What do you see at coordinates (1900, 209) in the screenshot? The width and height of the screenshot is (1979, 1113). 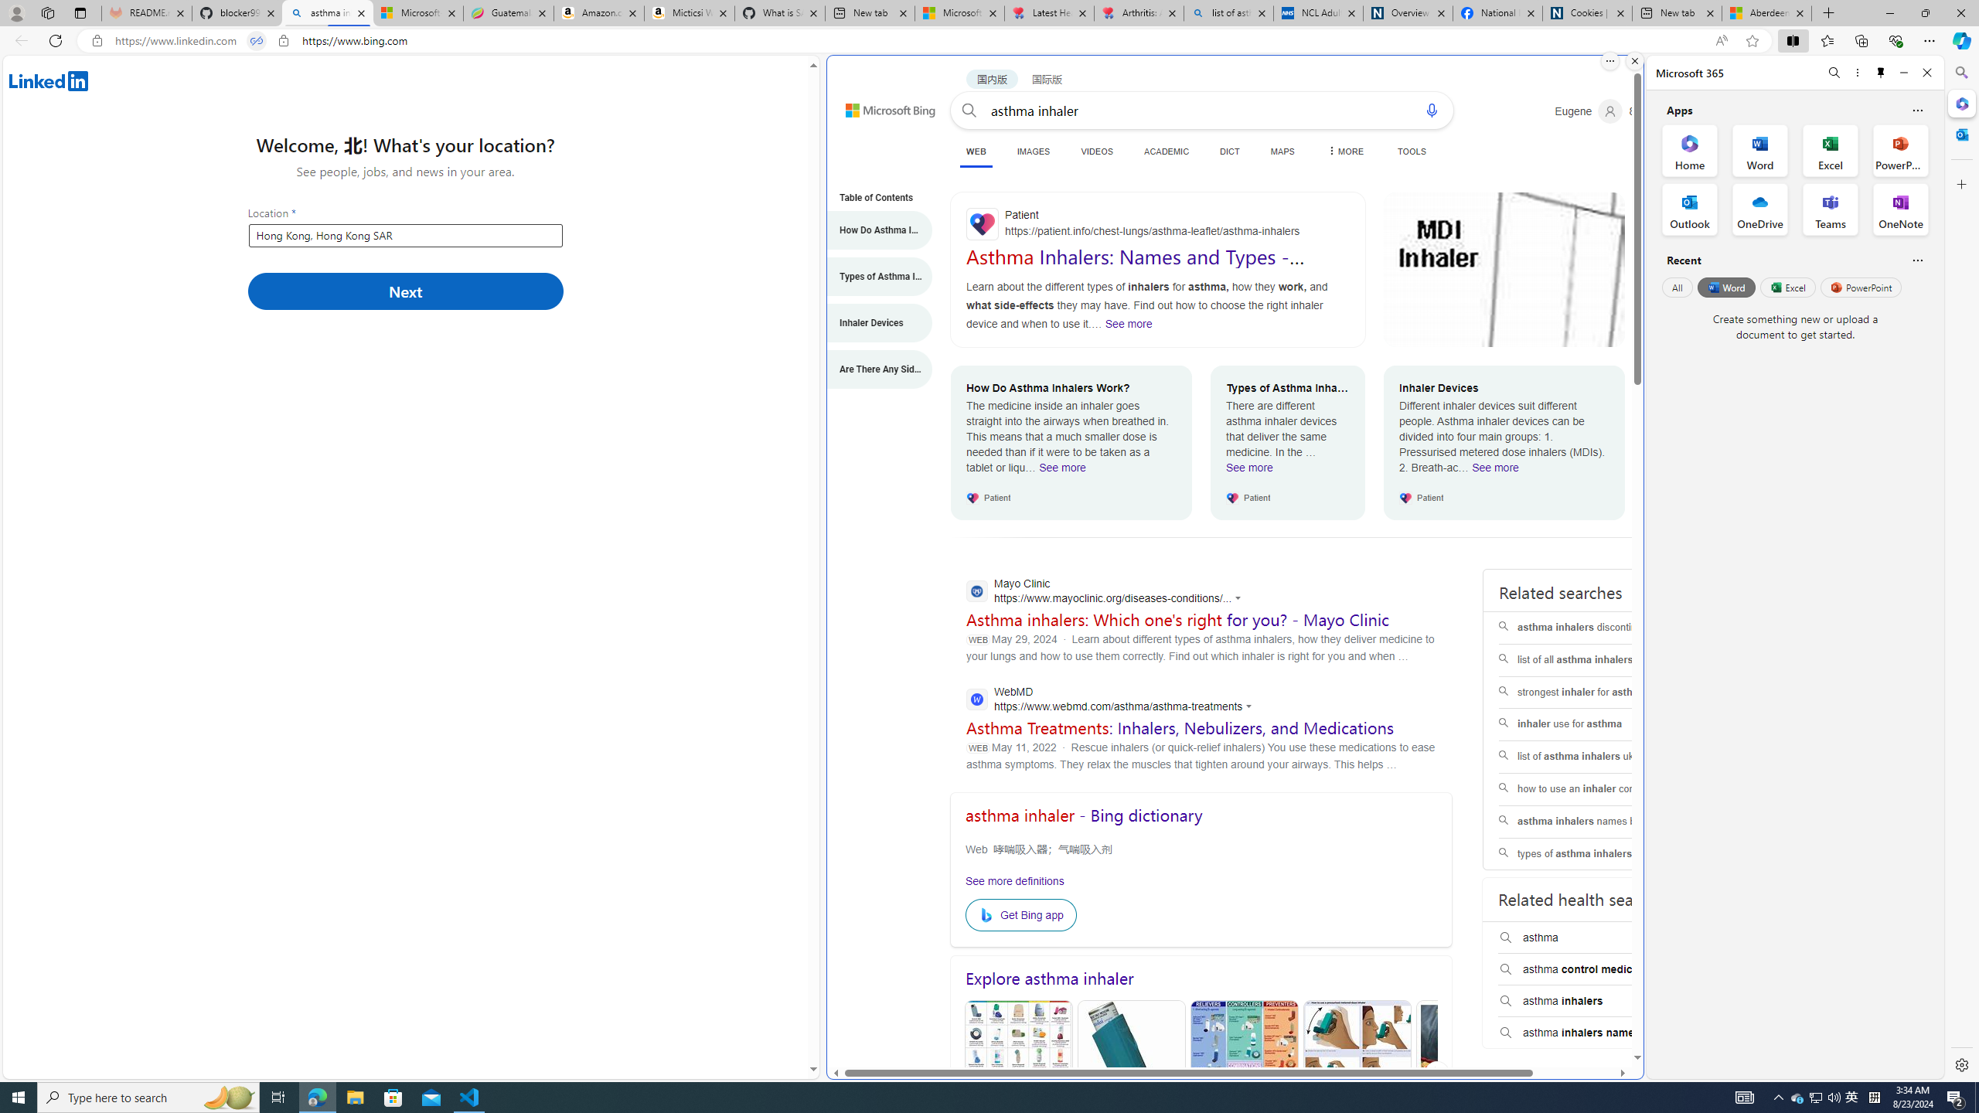 I see `'OneNote Office App'` at bounding box center [1900, 209].